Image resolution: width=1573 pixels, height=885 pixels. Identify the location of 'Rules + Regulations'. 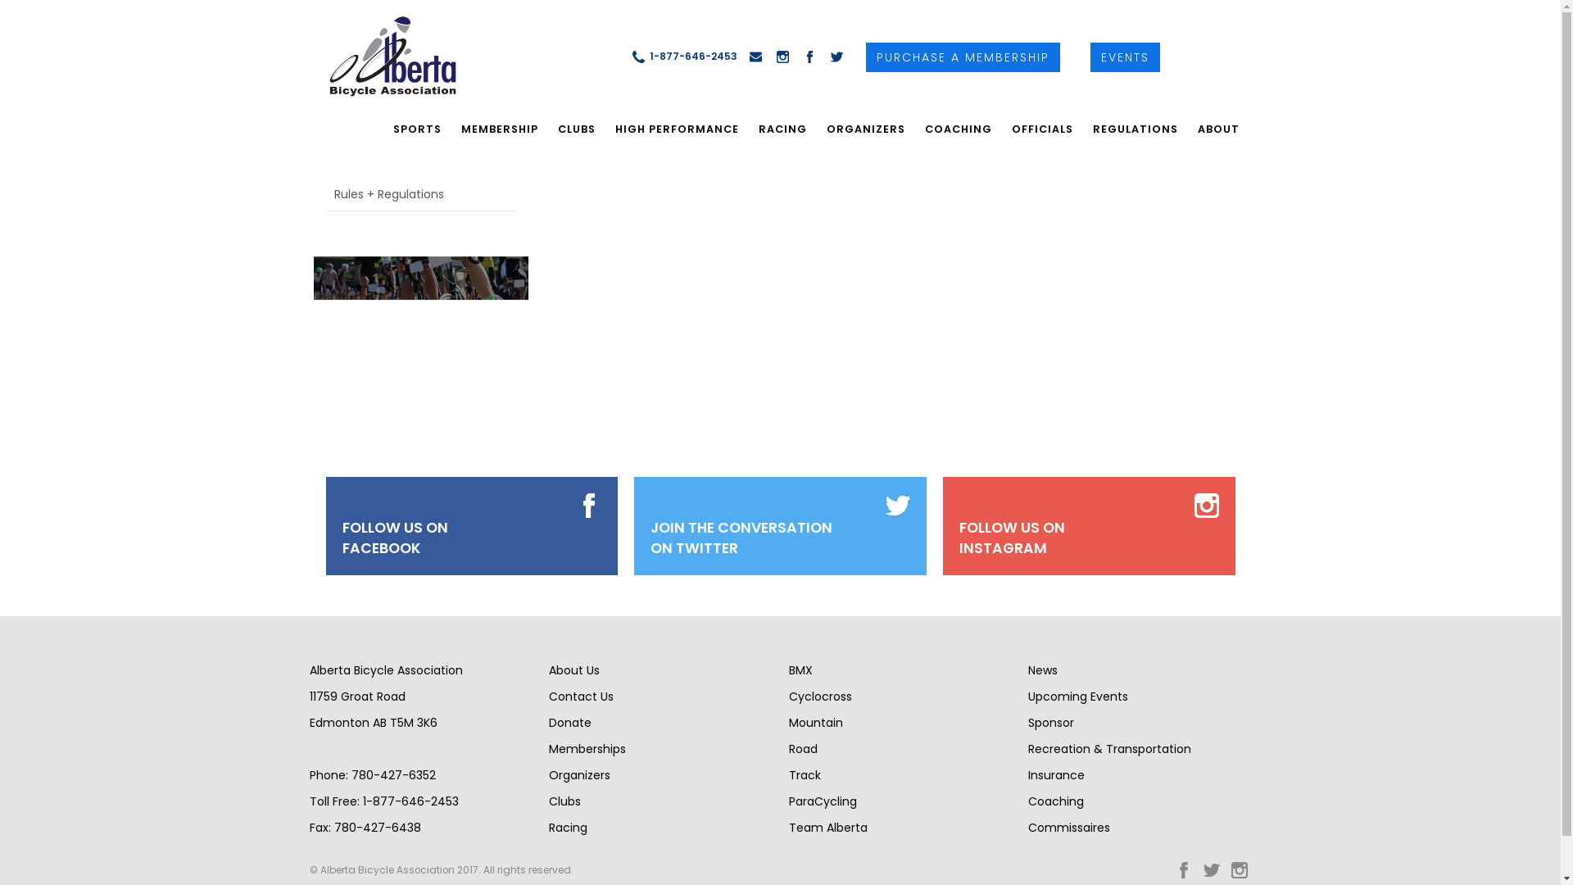
(421, 193).